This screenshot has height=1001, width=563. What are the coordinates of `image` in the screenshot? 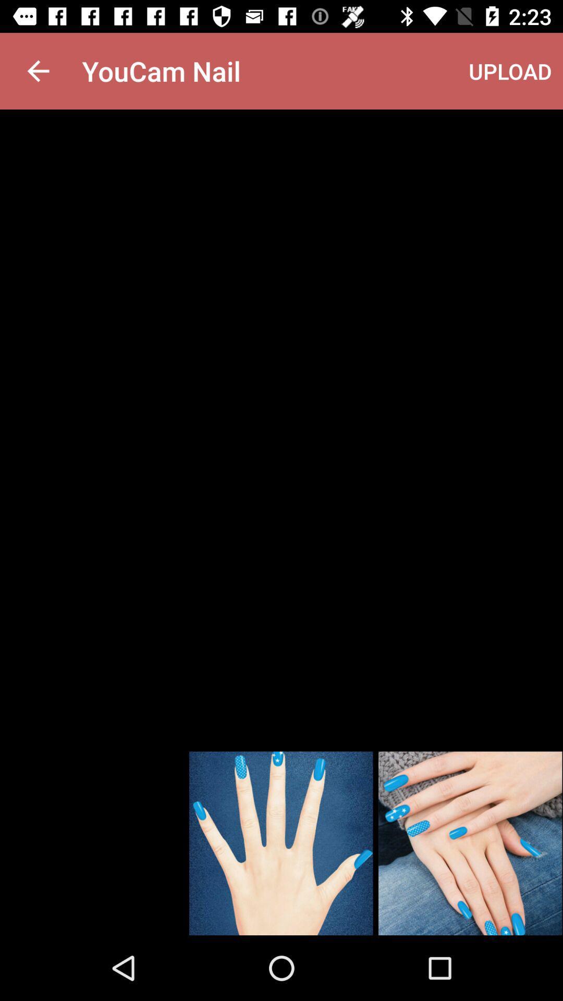 It's located at (470, 843).